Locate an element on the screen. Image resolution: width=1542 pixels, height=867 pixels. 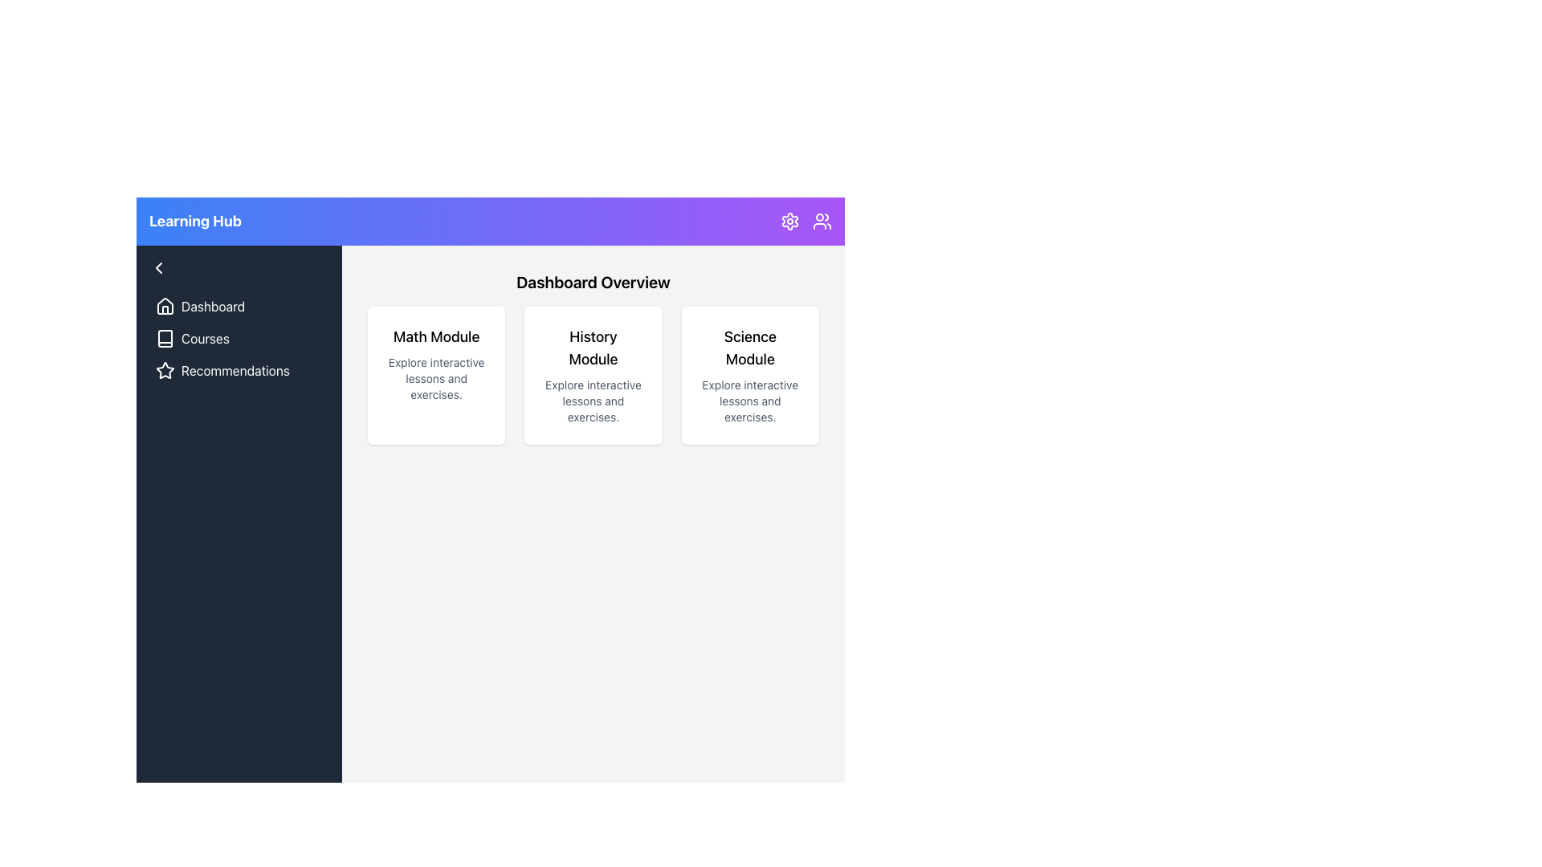
the 'Dashboard Overview' text label, which is a bold heading at the top of the main content area, emphasizing the section title is located at coordinates (593, 281).